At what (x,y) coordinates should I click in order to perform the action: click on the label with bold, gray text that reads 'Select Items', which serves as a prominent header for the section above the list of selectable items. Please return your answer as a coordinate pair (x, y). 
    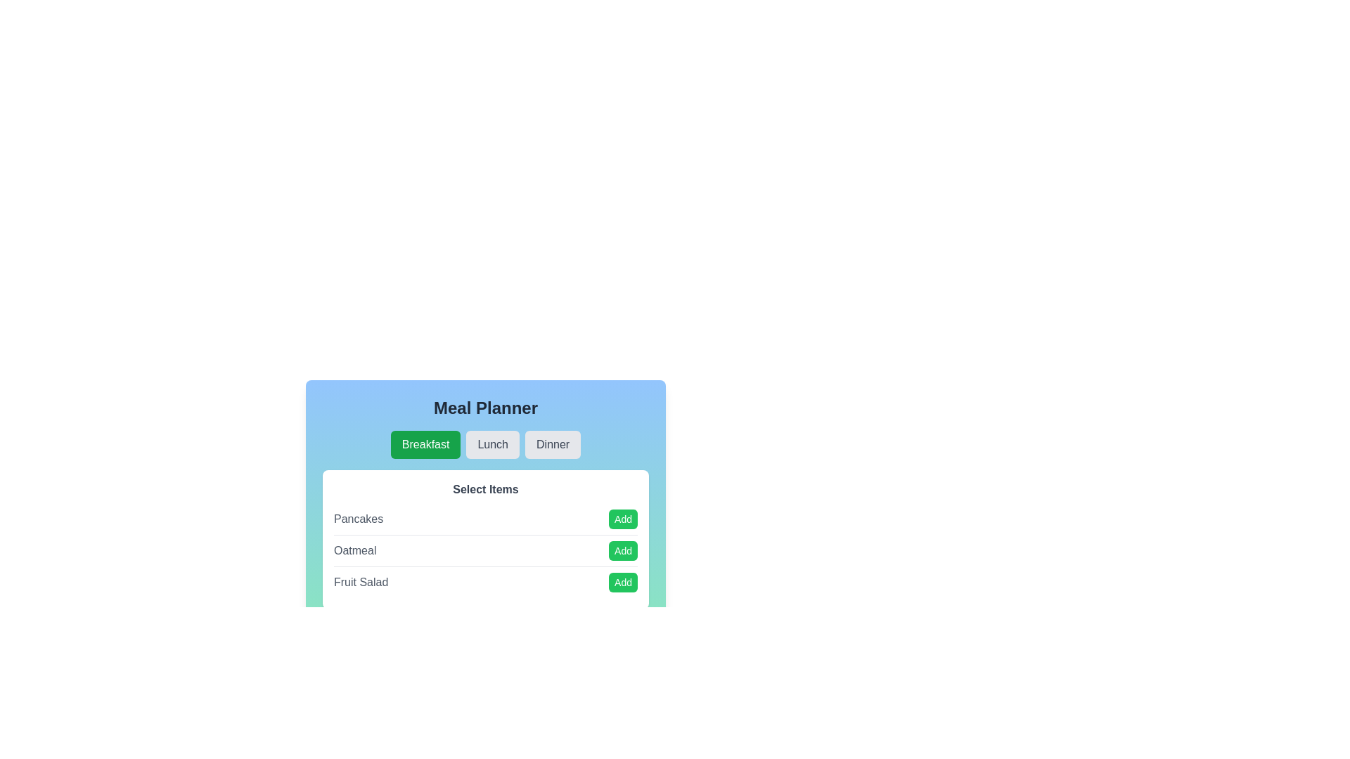
    Looking at the image, I should click on (486, 489).